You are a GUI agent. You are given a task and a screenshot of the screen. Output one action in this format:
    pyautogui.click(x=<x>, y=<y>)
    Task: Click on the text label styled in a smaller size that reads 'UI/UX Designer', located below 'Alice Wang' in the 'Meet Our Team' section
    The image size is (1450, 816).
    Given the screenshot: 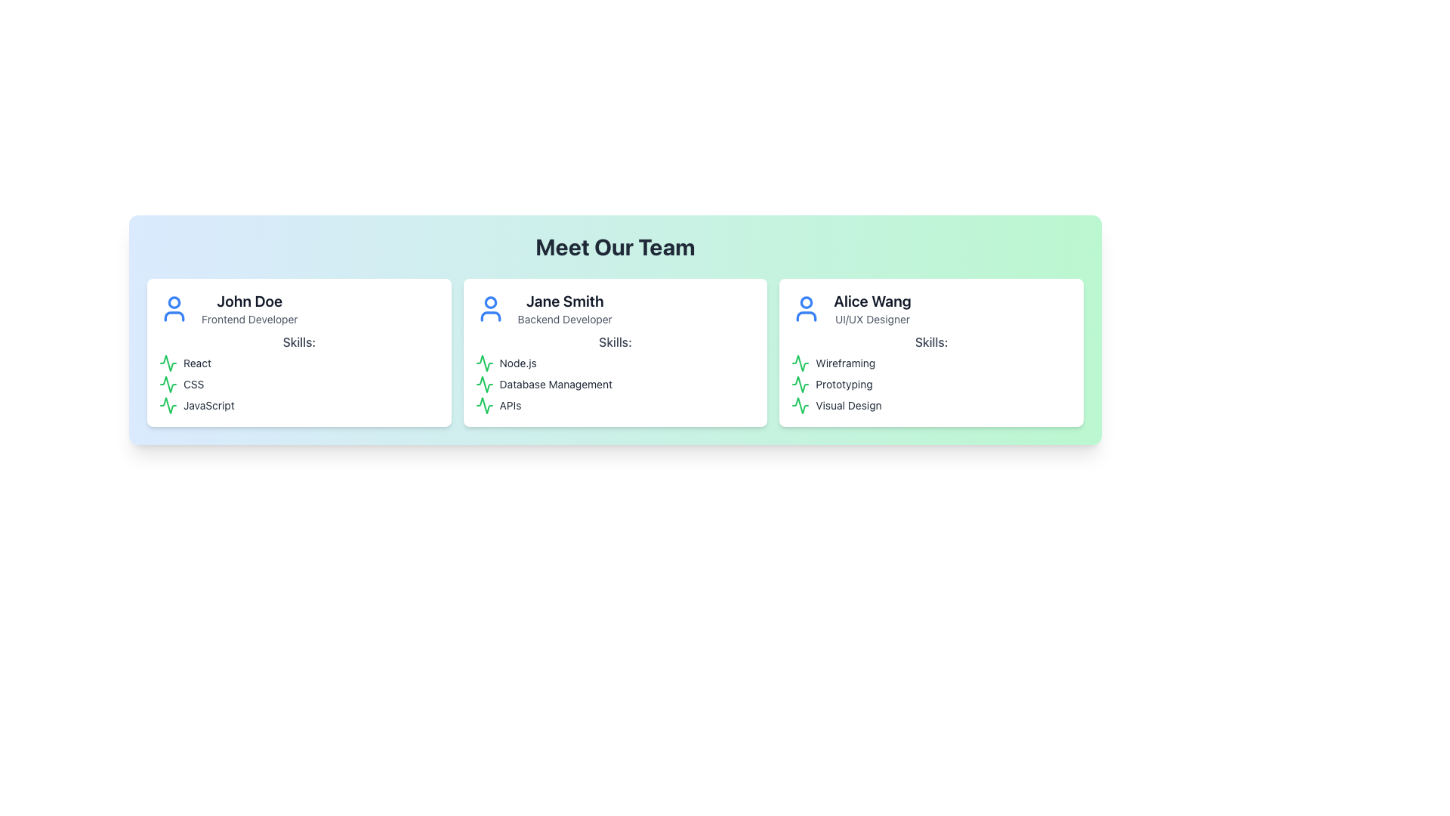 What is the action you would take?
    pyautogui.click(x=872, y=319)
    